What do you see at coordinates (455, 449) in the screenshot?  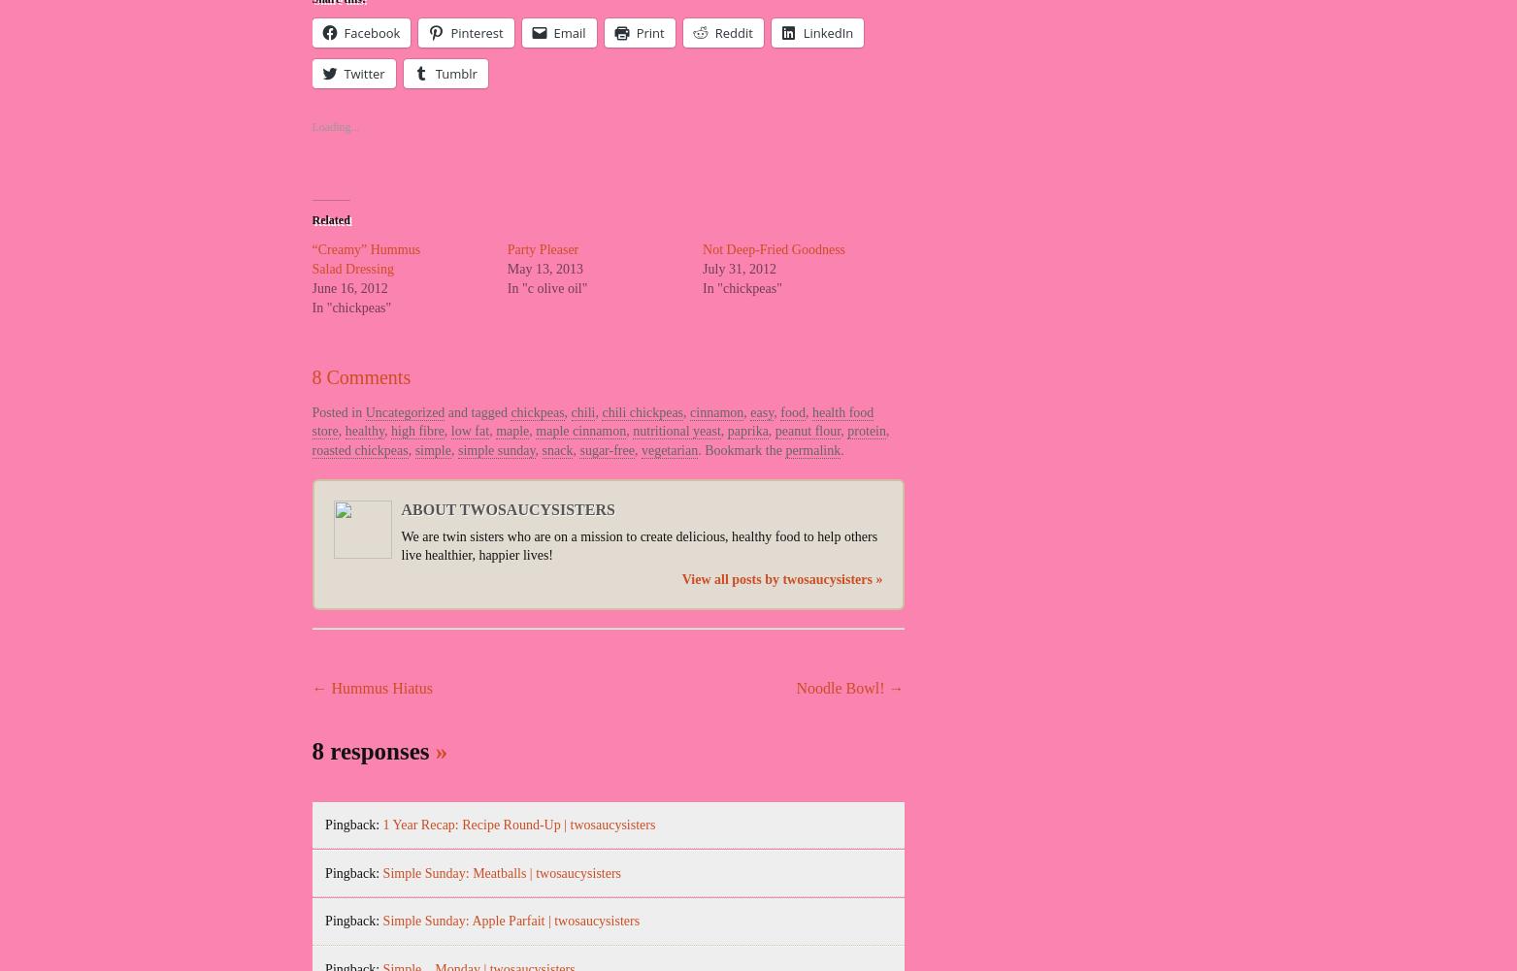 I see `'simple sunday'` at bounding box center [455, 449].